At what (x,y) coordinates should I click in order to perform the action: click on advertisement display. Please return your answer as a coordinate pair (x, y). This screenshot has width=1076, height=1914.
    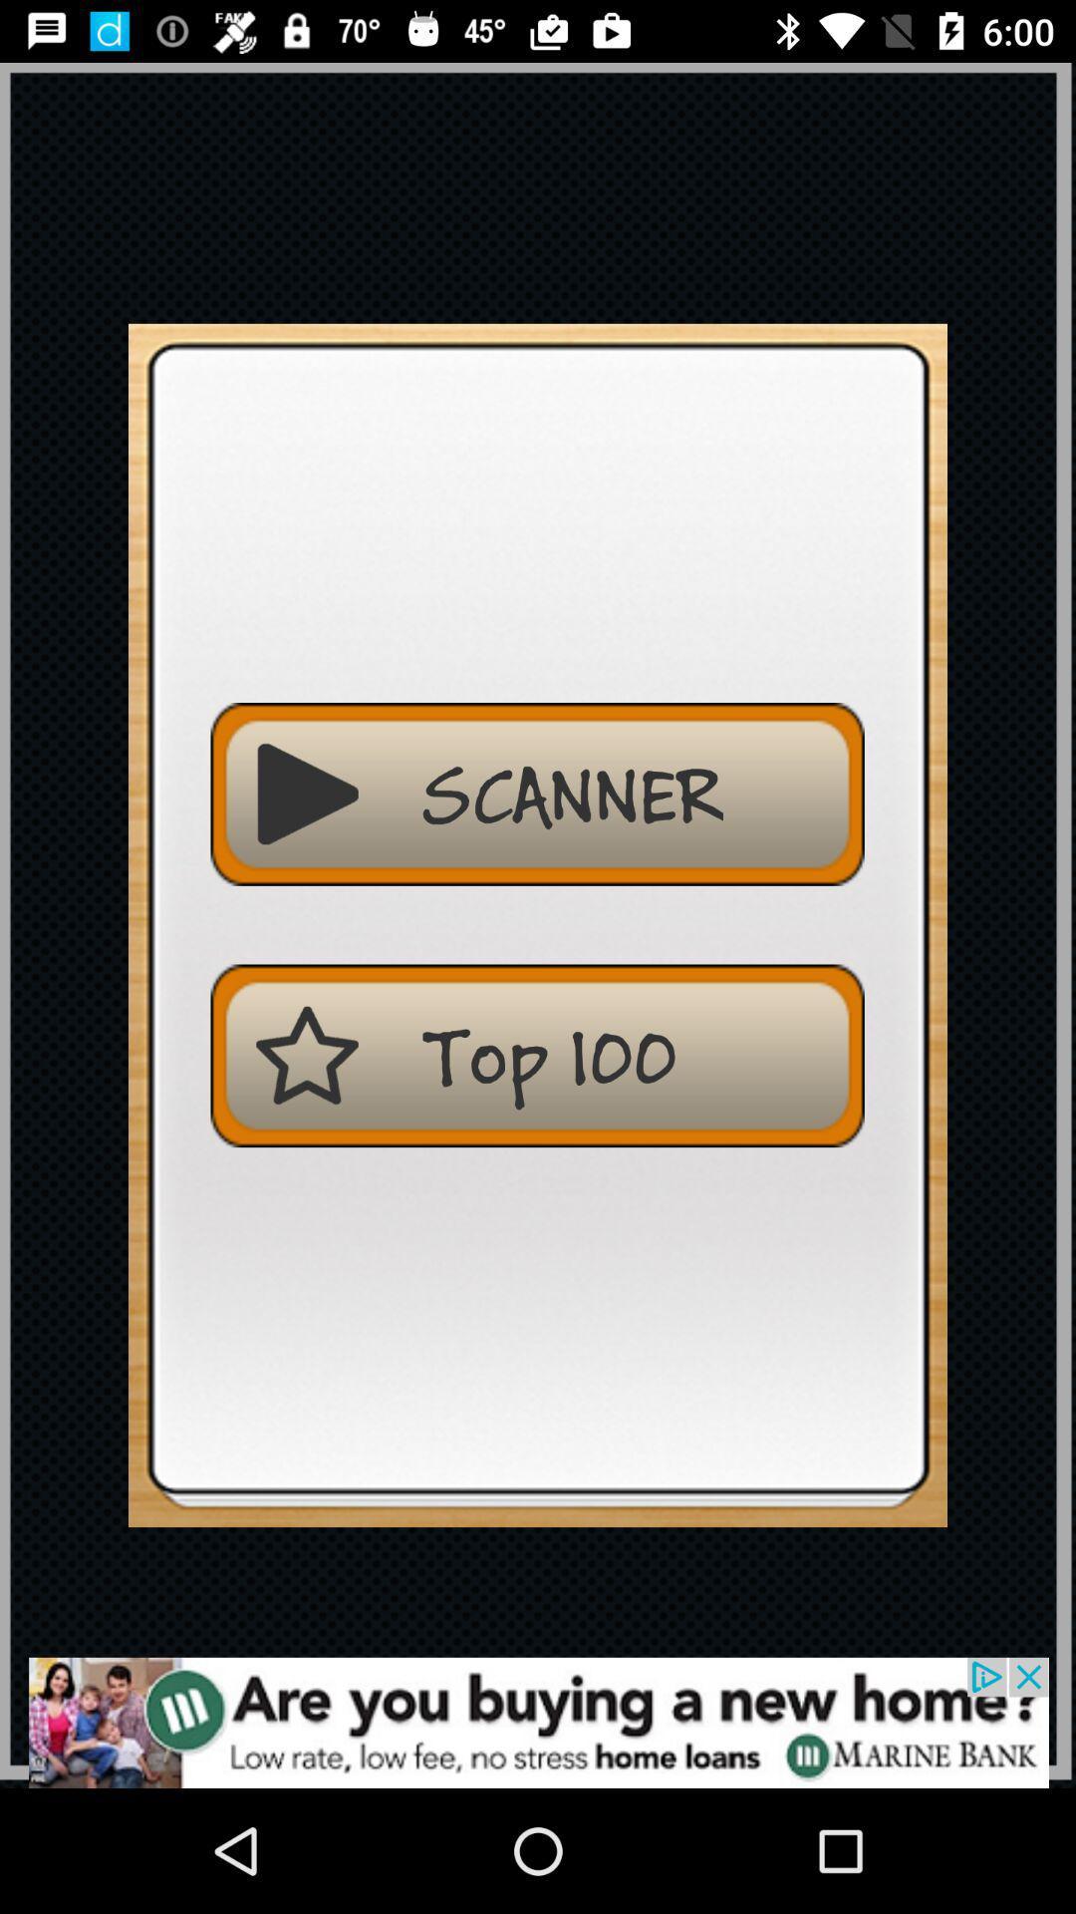
    Looking at the image, I should click on (538, 1722).